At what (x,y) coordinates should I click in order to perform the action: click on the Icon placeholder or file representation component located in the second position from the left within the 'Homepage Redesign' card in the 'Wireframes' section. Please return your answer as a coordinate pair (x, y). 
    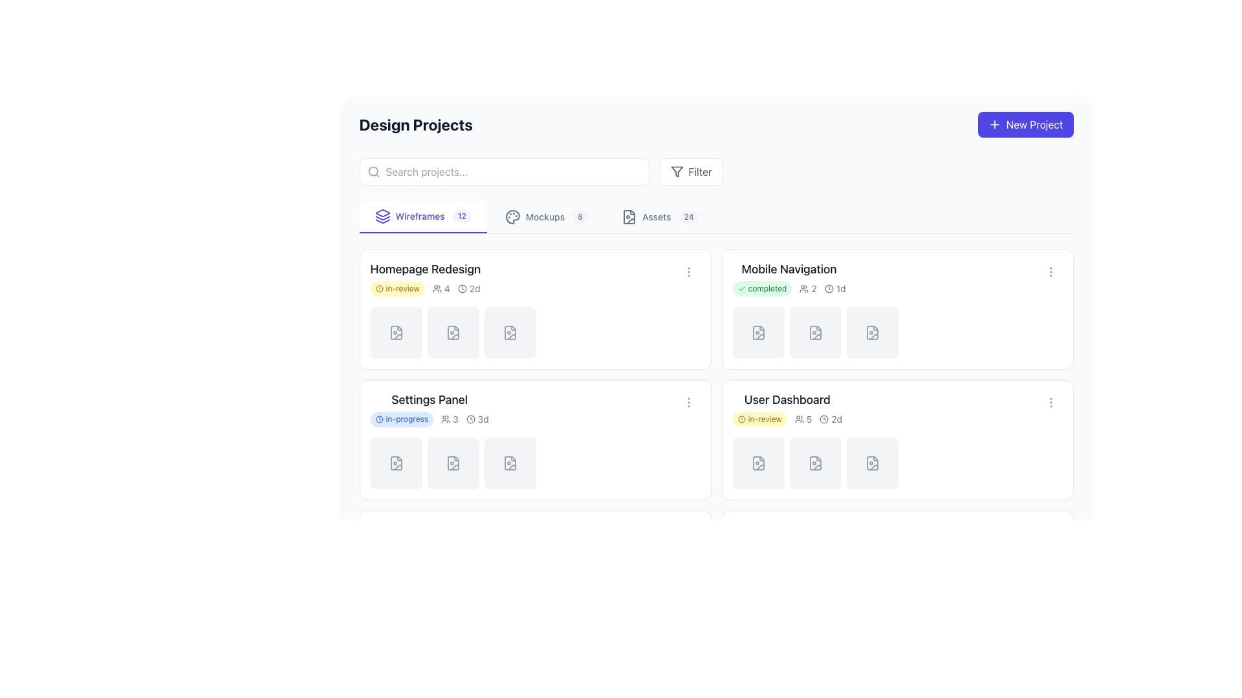
    Looking at the image, I should click on (453, 332).